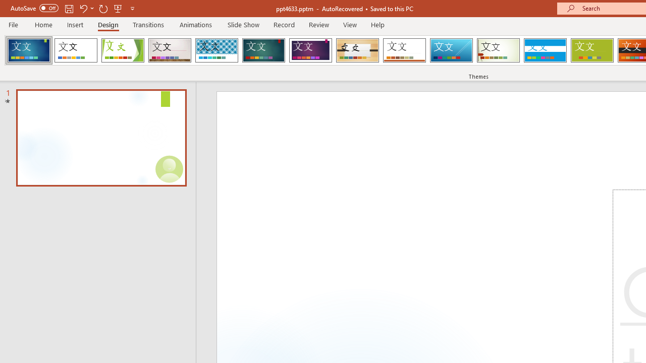 The width and height of the screenshot is (646, 363). I want to click on 'Facet', so click(122, 50).